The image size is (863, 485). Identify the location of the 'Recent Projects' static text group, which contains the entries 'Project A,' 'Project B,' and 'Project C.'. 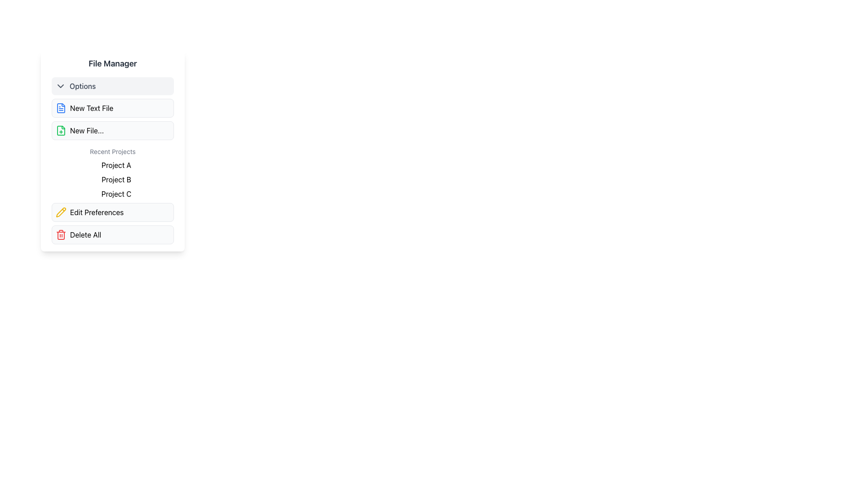
(112, 171).